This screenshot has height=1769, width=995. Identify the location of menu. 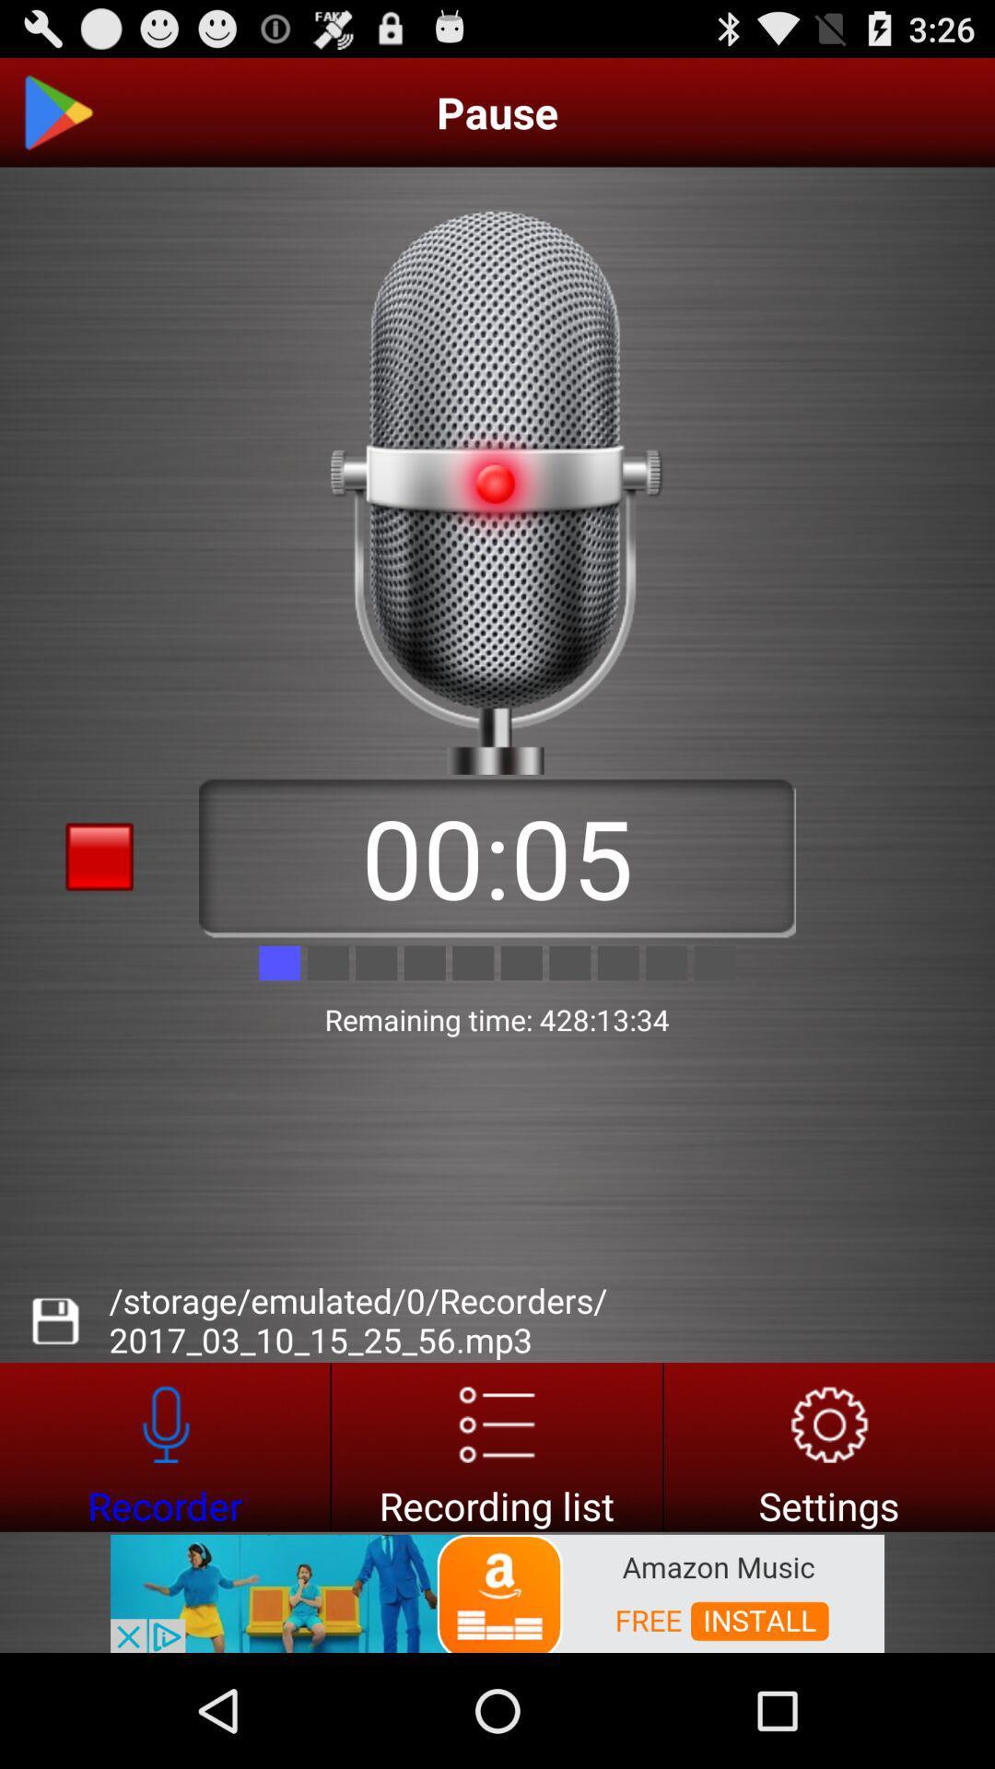
(496, 1446).